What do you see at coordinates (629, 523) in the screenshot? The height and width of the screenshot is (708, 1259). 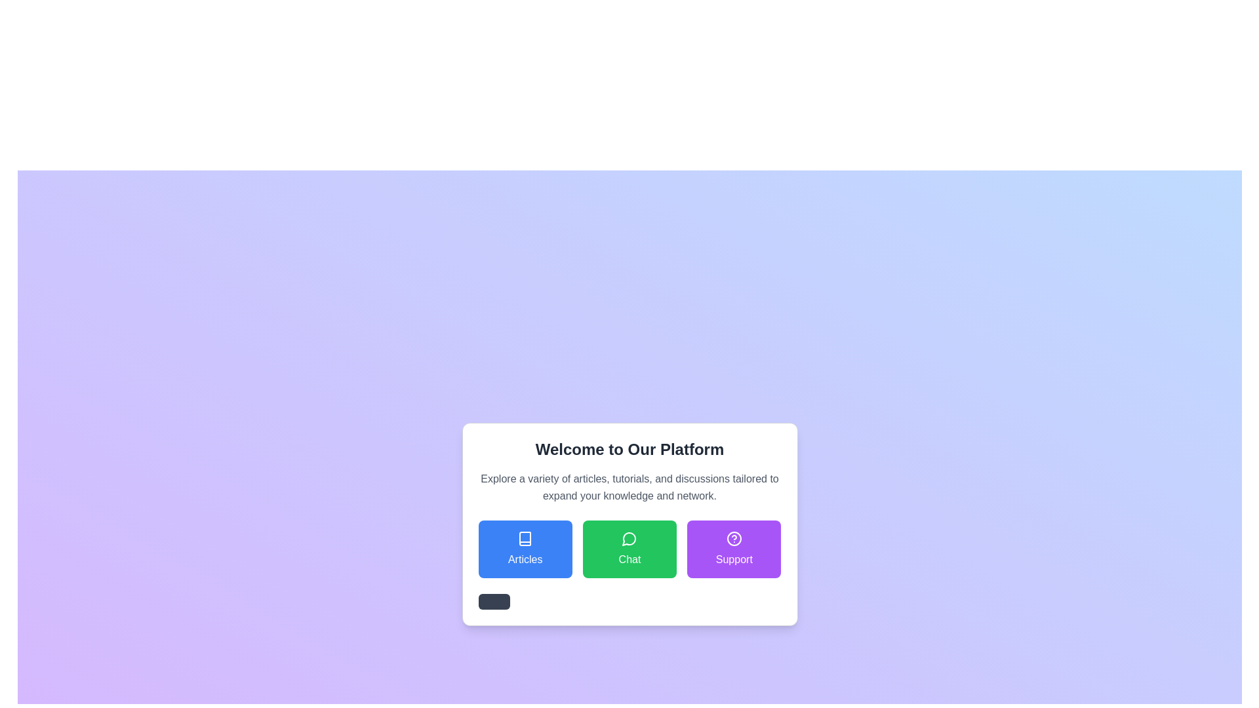 I see `introductory text within the Section card, which is centrally positioned in the viewport and contains navigational buttons for Articles, Chat, and Support` at bounding box center [629, 523].